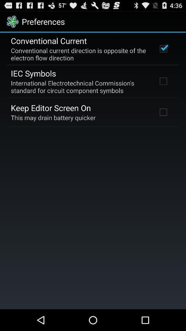 The image size is (186, 331). I want to click on the international electrotechnical commission app, so click(79, 86).